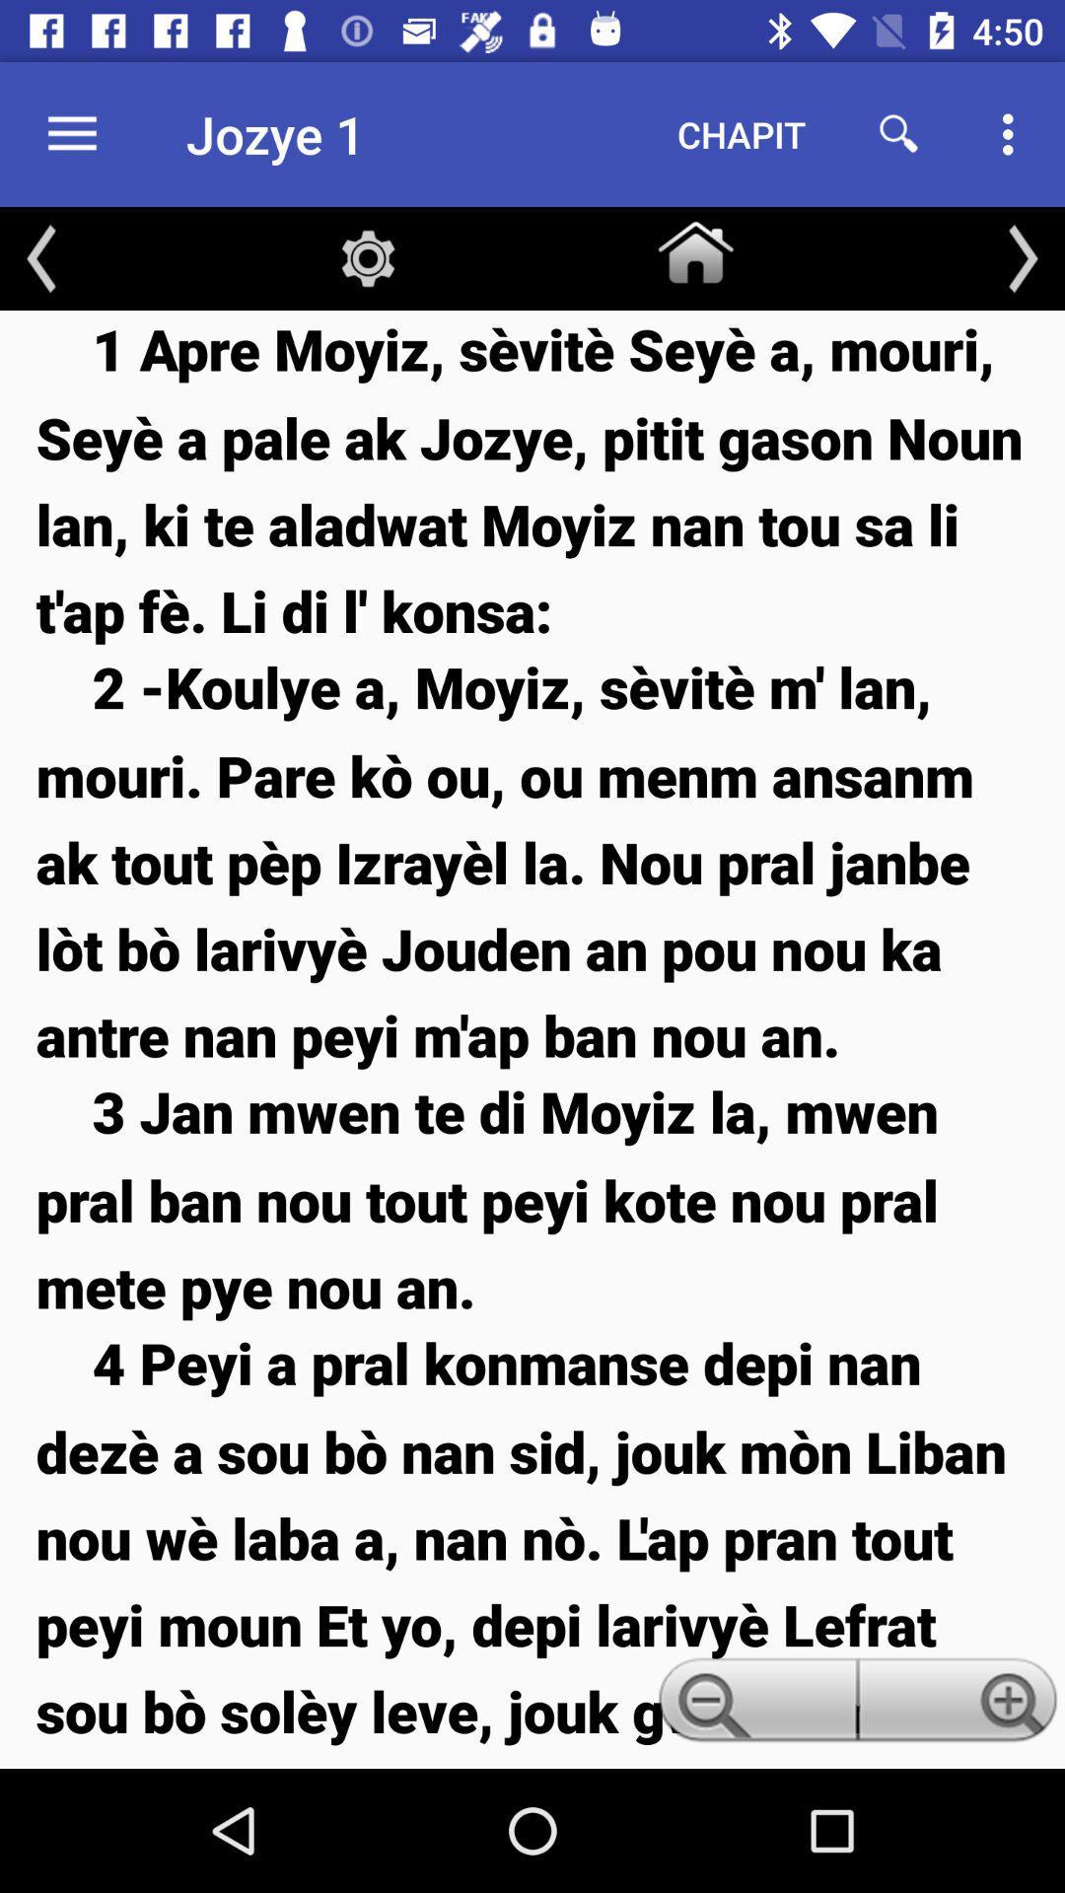 The height and width of the screenshot is (1893, 1065). Describe the element at coordinates (694, 247) in the screenshot. I see `the home icon` at that location.